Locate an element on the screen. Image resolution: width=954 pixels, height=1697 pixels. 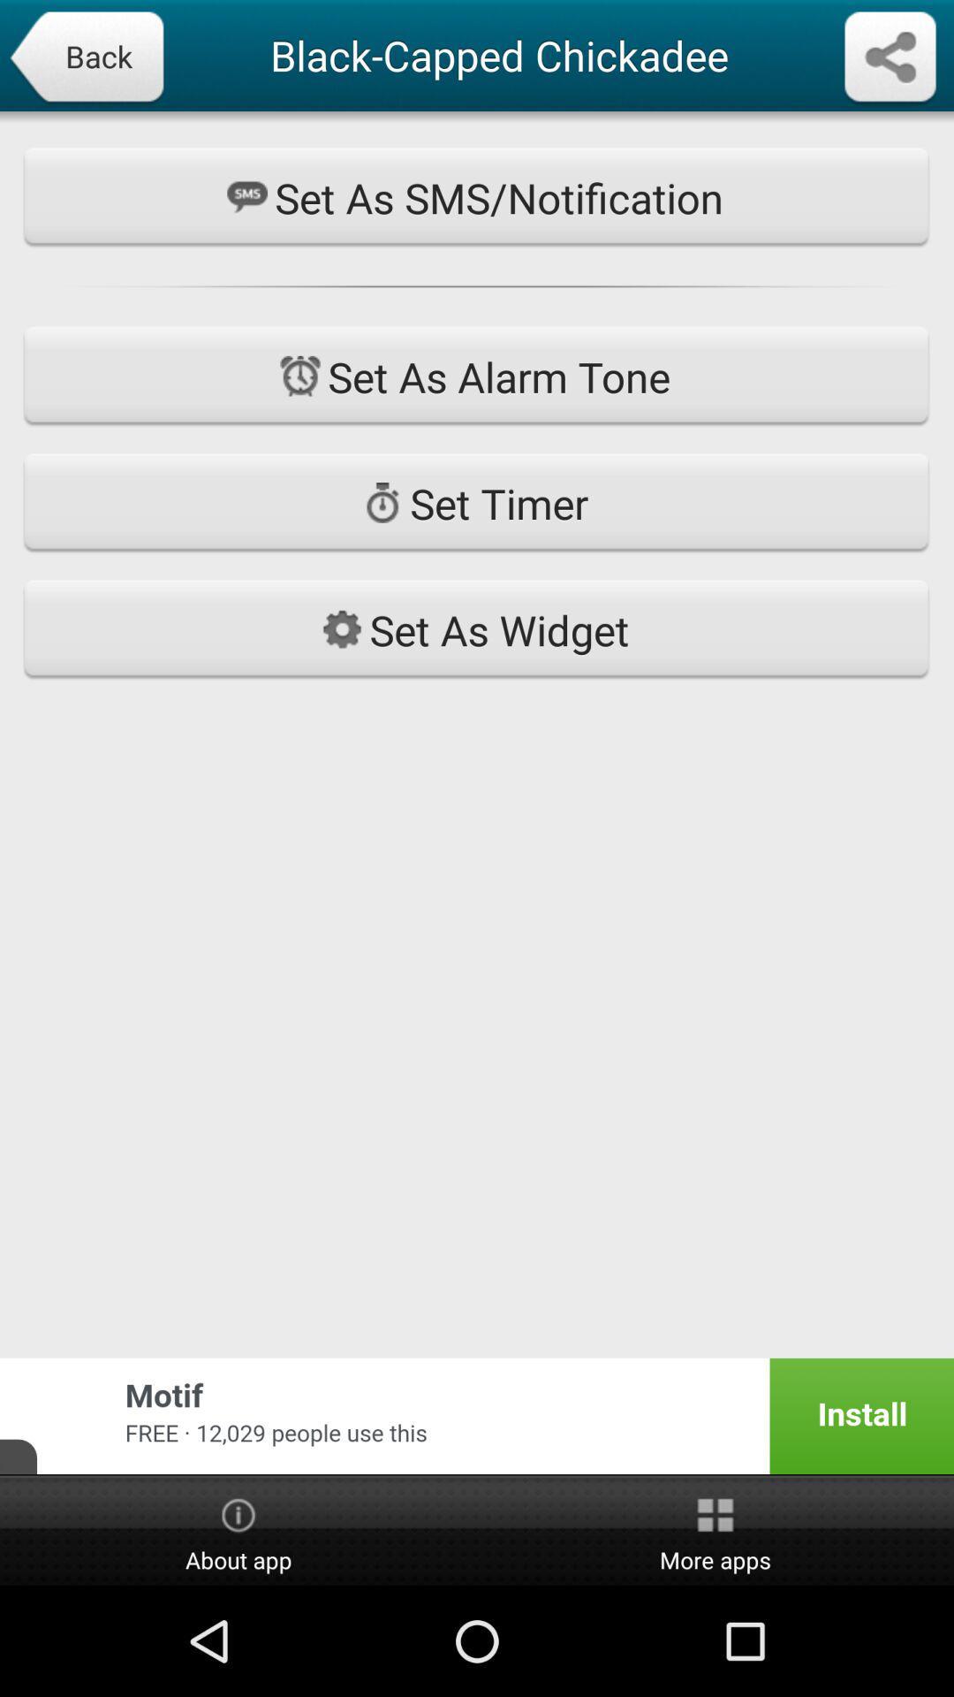
the item to the left of more apps icon is located at coordinates (238, 1531).